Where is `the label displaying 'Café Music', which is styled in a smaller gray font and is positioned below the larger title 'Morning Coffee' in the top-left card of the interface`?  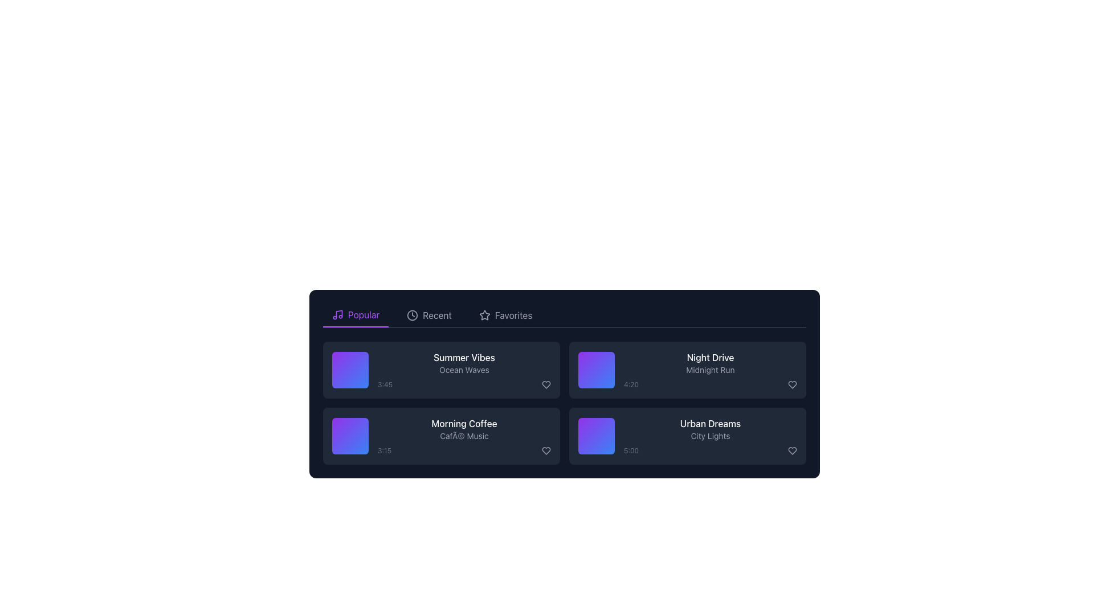 the label displaying 'Café Music', which is styled in a smaller gray font and is positioned below the larger title 'Morning Coffee' in the top-left card of the interface is located at coordinates (464, 436).